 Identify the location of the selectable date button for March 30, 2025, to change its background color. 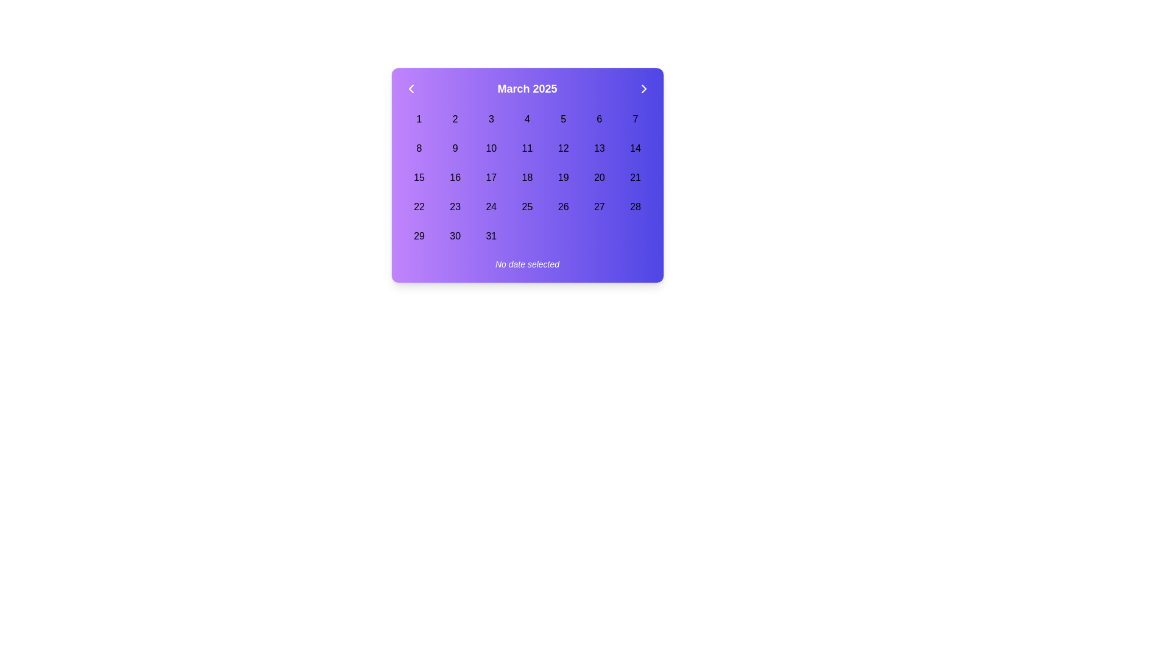
(455, 236).